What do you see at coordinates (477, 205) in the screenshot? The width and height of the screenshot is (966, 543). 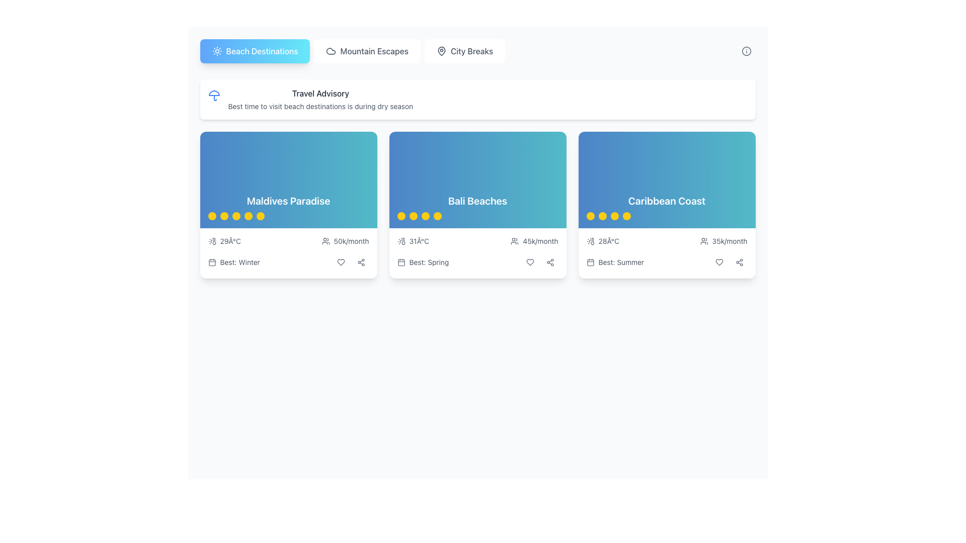 I see `the travel destination card that provides details about temperature, price, and the best visiting season, which is the second card in the row of three cards` at bounding box center [477, 205].